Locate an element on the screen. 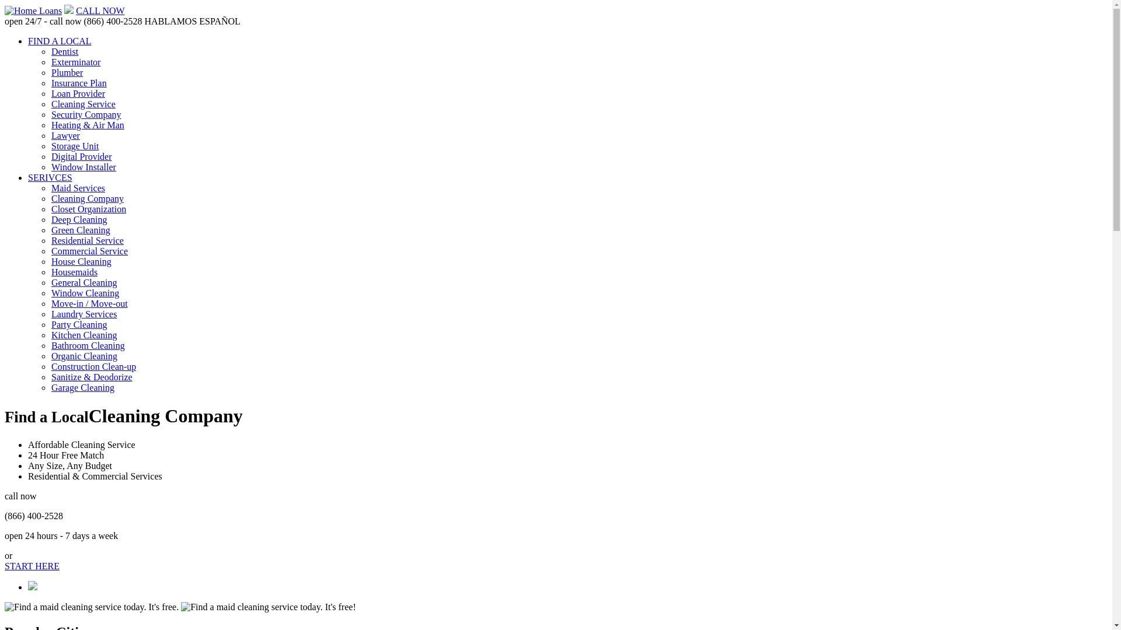 The image size is (1121, 630). 'Housemaids' is located at coordinates (50, 272).